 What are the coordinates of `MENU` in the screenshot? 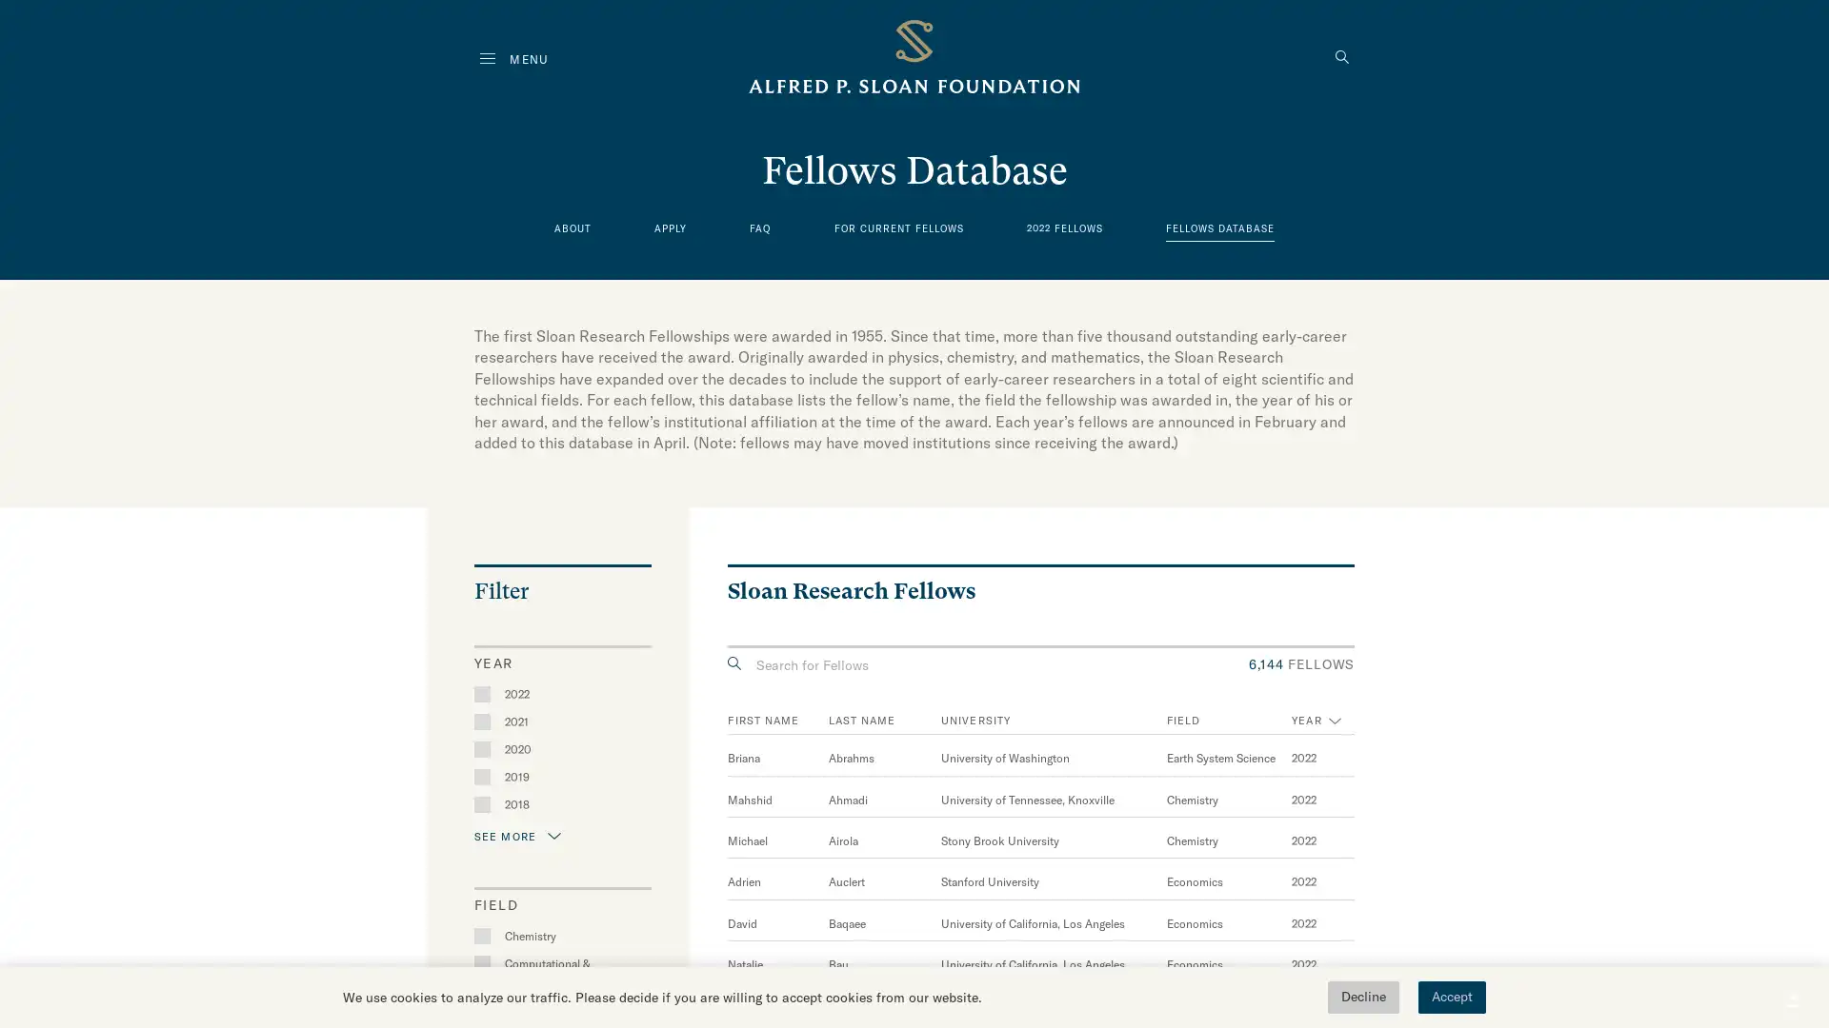 It's located at (513, 58).